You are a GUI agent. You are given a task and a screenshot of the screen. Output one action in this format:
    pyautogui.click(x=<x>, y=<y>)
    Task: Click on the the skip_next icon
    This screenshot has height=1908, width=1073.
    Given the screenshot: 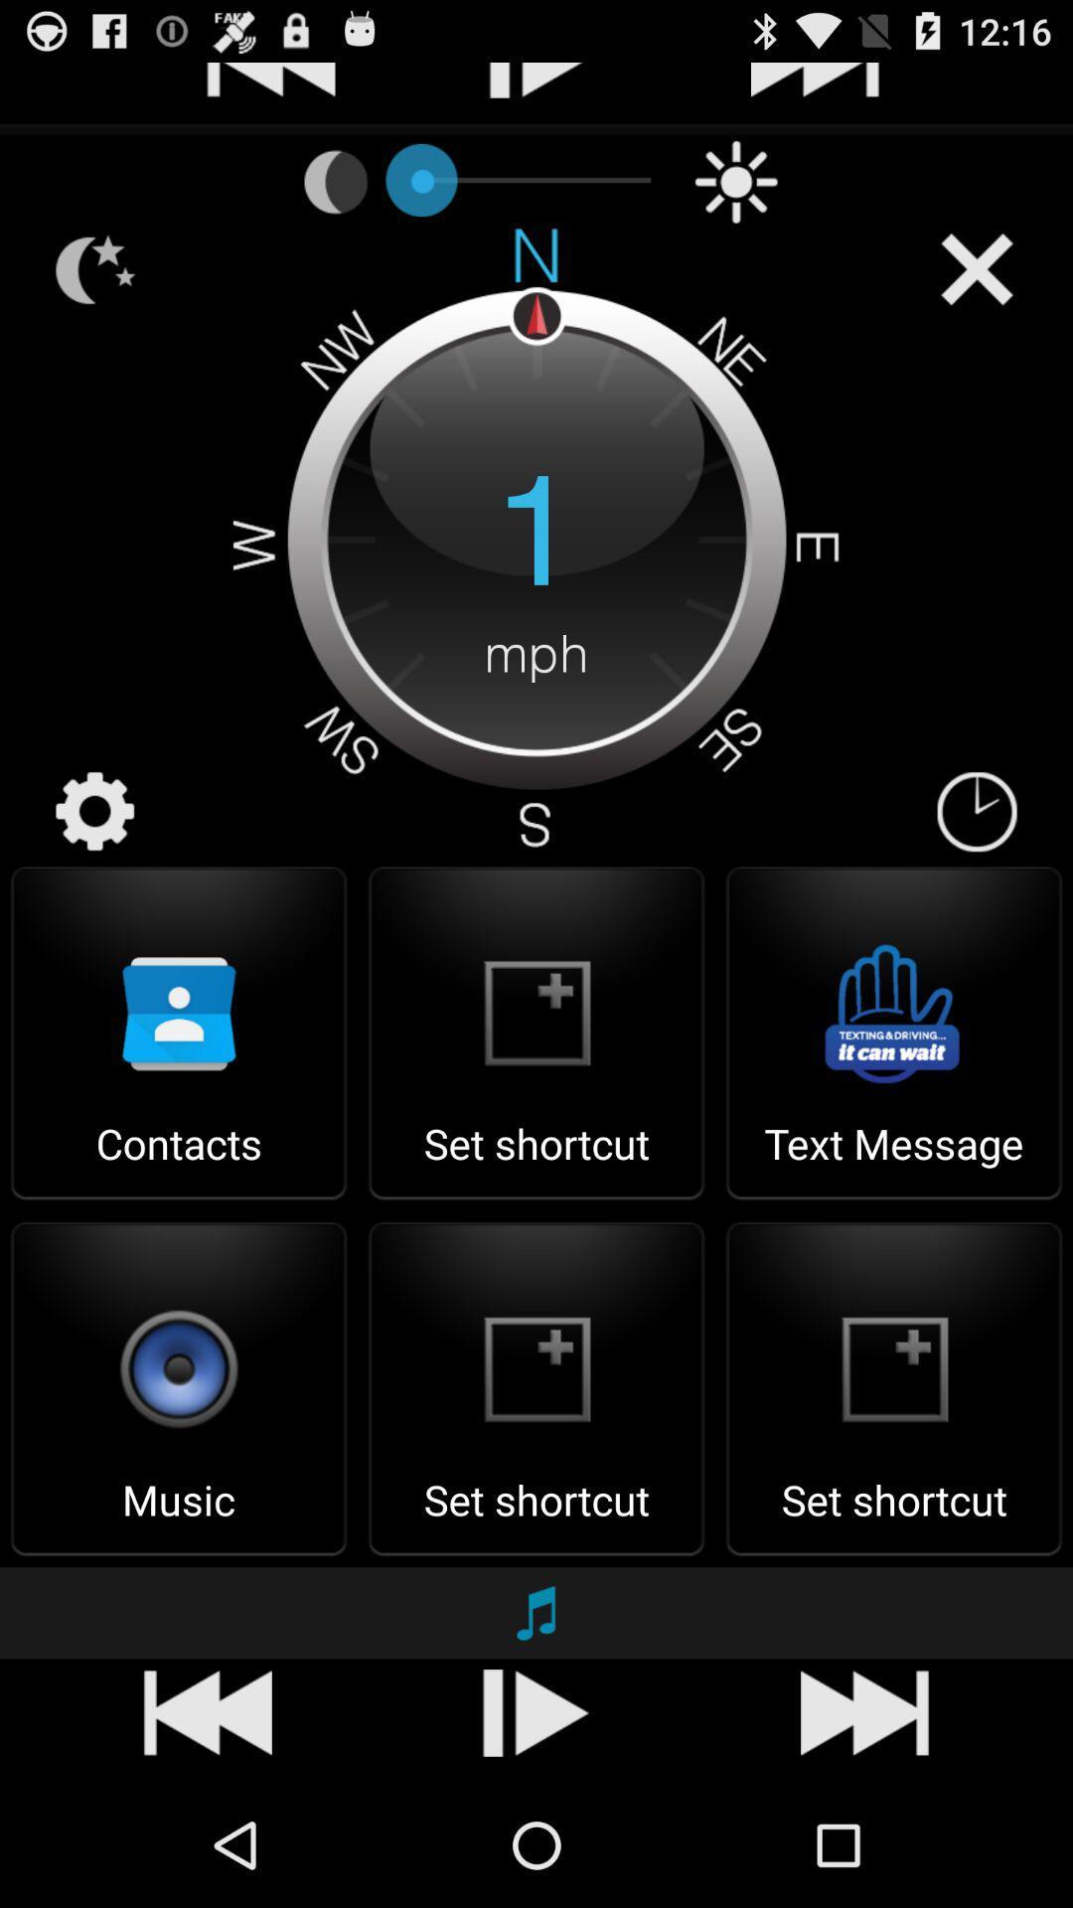 What is the action you would take?
    pyautogui.click(x=542, y=1831)
    